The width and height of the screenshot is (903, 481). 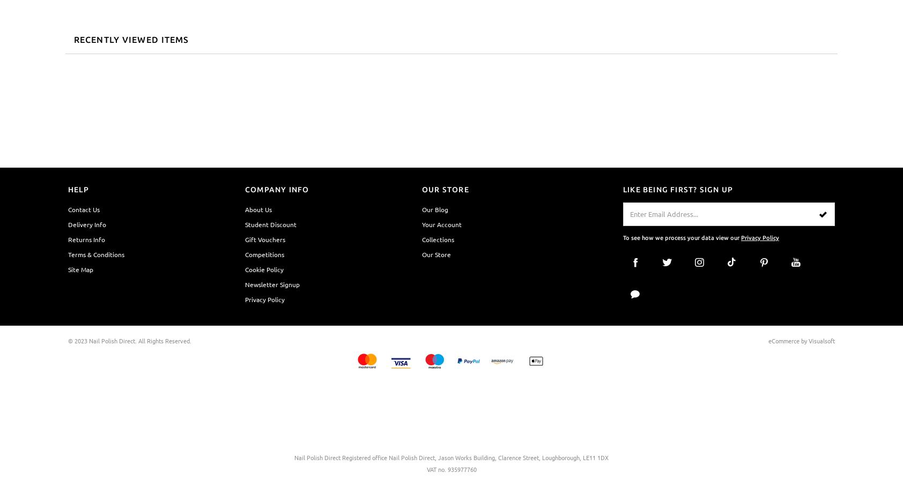 What do you see at coordinates (257, 209) in the screenshot?
I see `'About Us'` at bounding box center [257, 209].